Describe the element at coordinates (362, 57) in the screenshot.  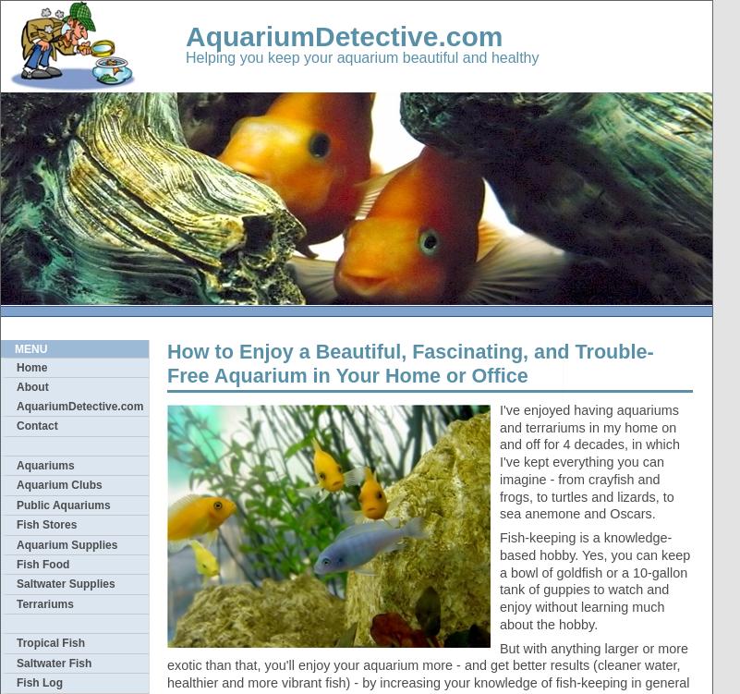
I see `'Helping you keep your aquarium beautiful and healthy'` at that location.